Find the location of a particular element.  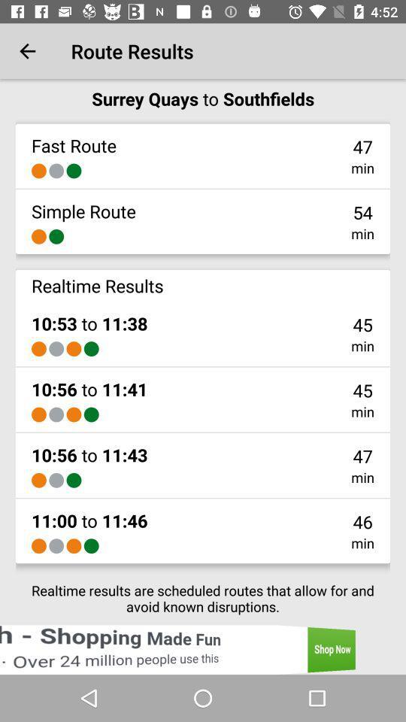

item below 10 53 to item is located at coordinates (91, 349).